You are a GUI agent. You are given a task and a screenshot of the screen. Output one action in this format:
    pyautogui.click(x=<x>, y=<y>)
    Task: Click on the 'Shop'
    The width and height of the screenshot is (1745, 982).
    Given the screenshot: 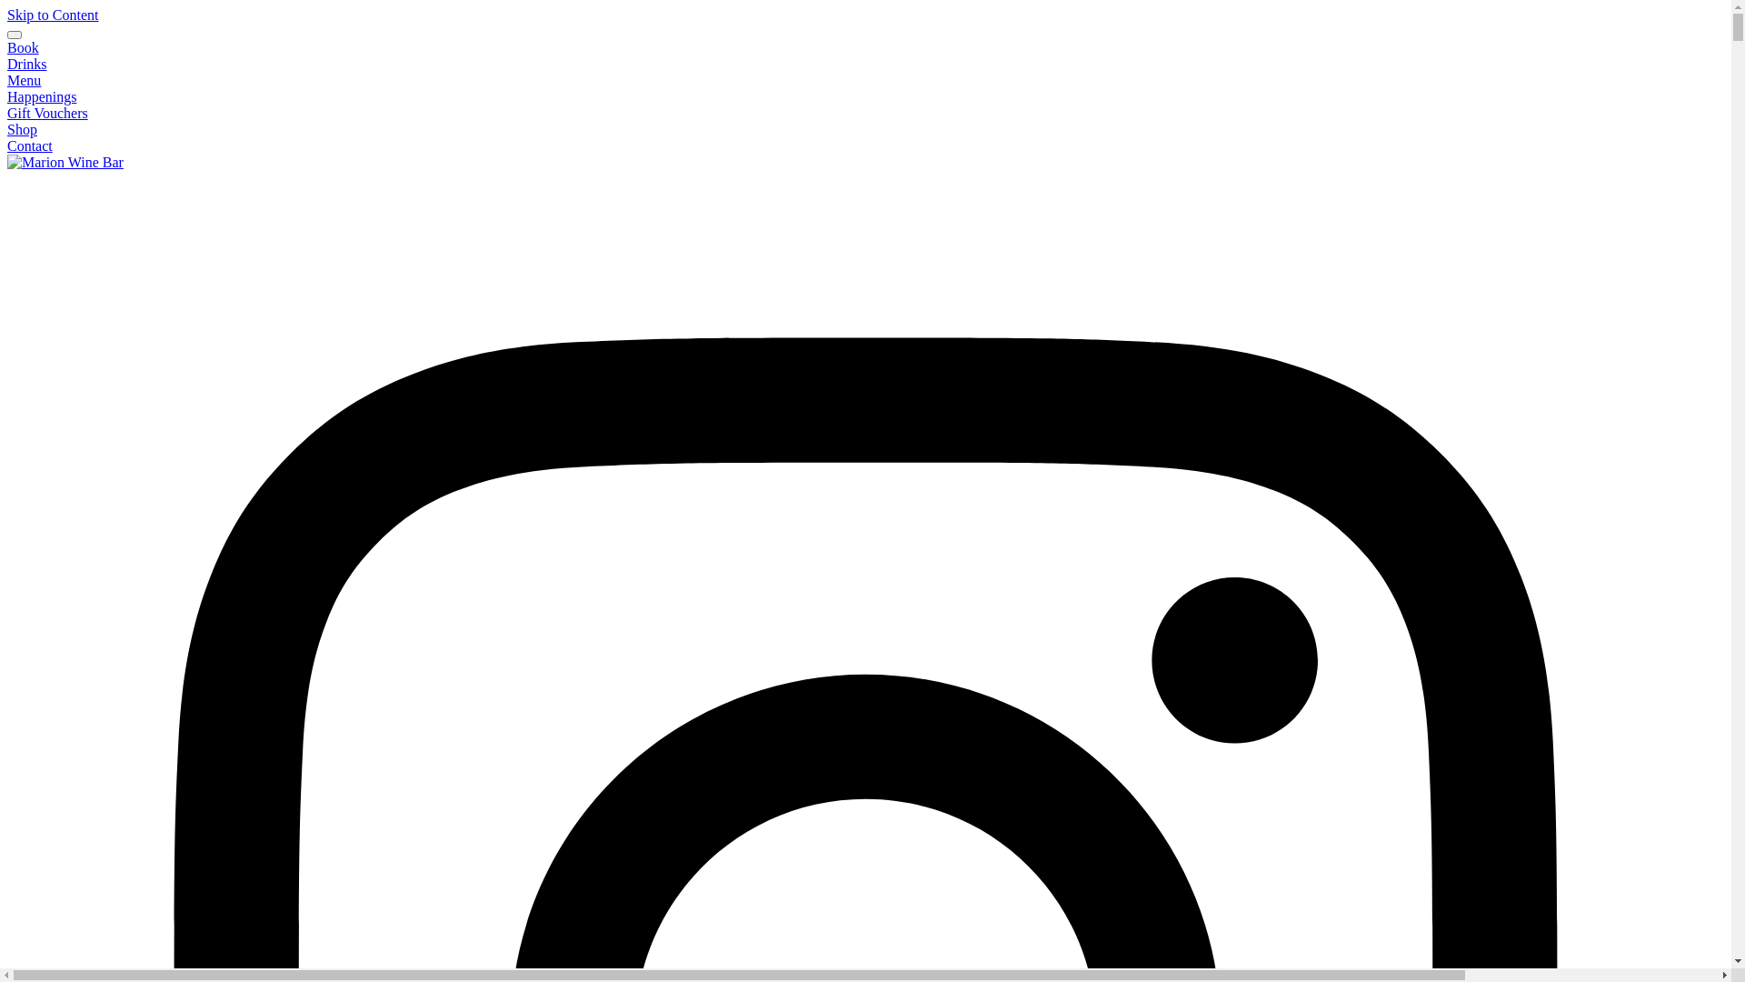 What is the action you would take?
    pyautogui.click(x=22, y=128)
    